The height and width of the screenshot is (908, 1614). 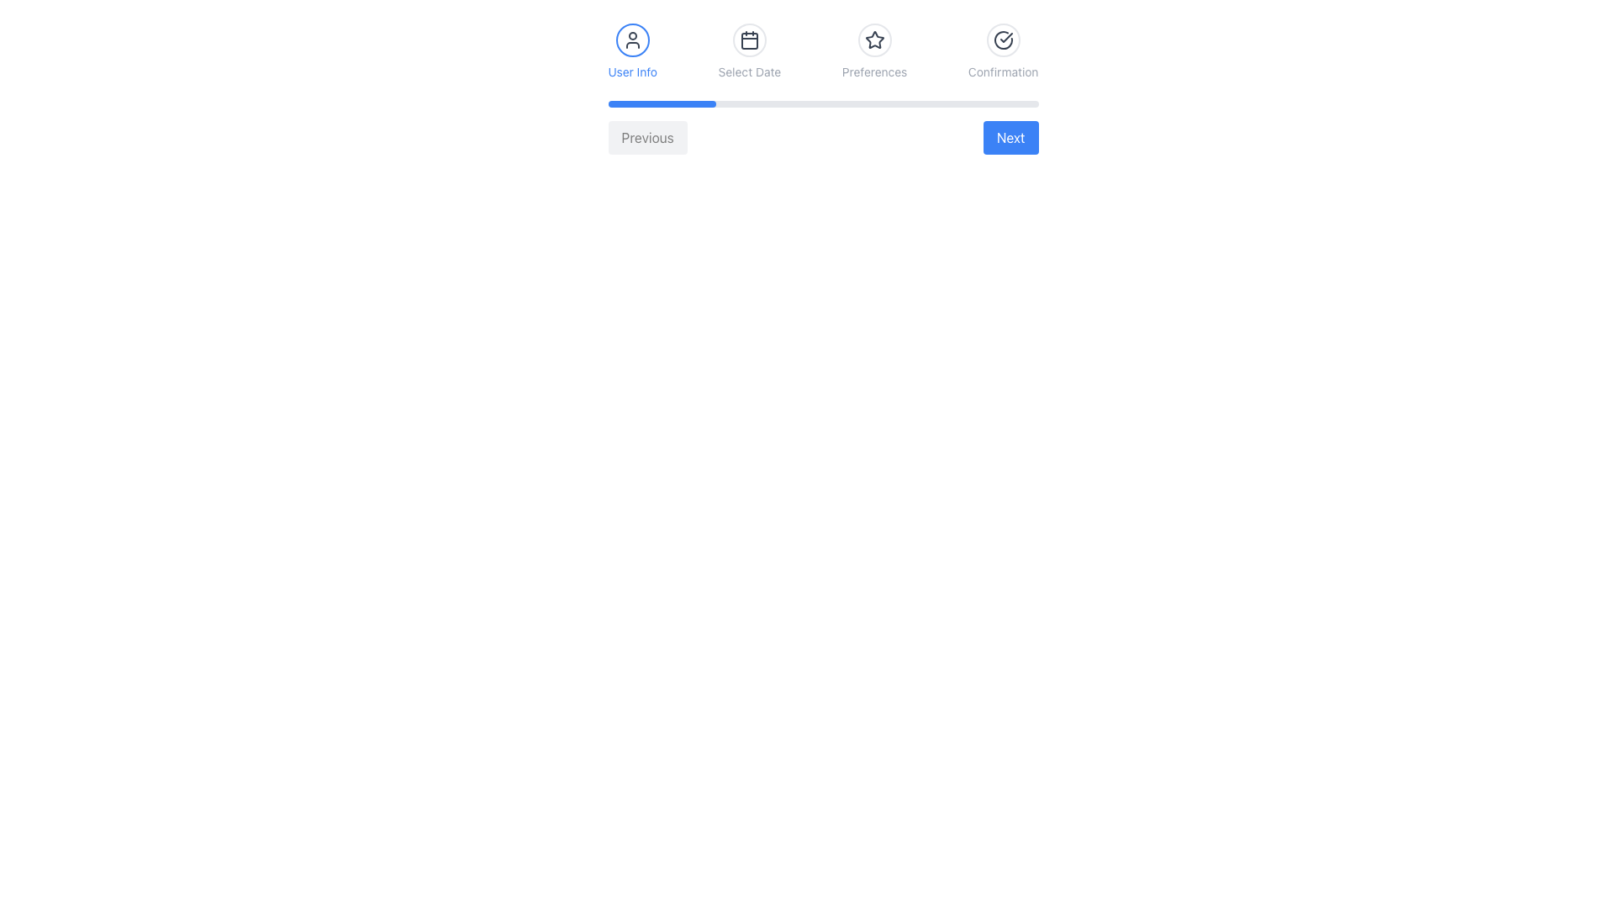 I want to click on the 'Previous' button, which is a rectangular button with a light gray background and rounded corners, so click(x=646, y=137).